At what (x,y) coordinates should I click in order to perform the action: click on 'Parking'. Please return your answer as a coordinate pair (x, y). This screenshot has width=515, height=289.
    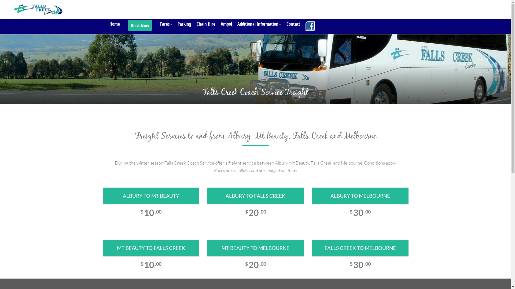
    Looking at the image, I should click on (184, 24).